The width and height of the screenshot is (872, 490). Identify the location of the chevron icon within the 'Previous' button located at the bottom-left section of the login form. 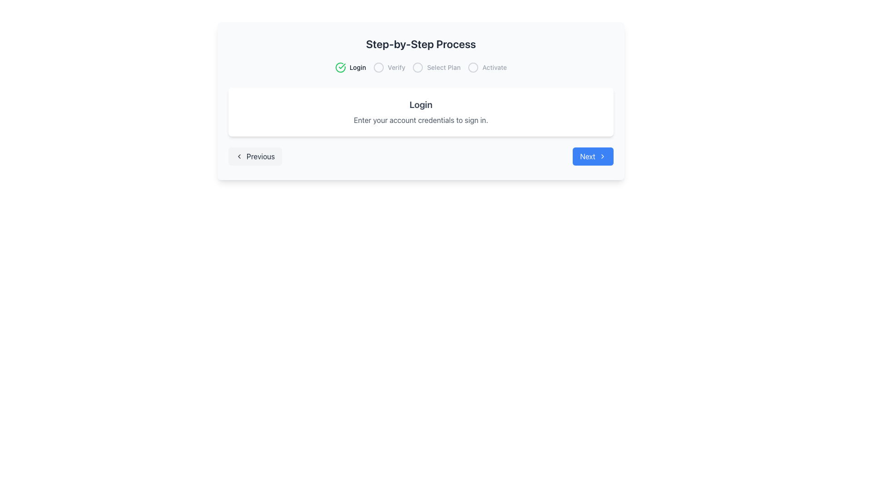
(239, 156).